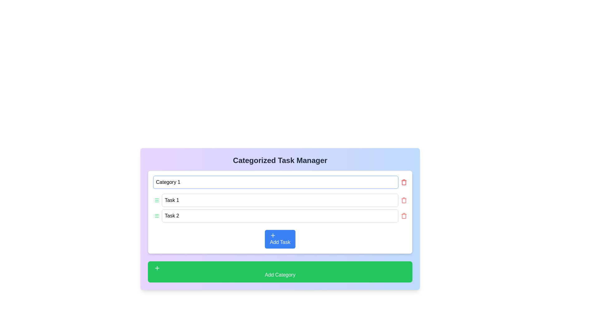 This screenshot has height=336, width=599. Describe the element at coordinates (404, 182) in the screenshot. I see `the icon button located on the far-right side of the input field labeled 'Category 1'` at that location.